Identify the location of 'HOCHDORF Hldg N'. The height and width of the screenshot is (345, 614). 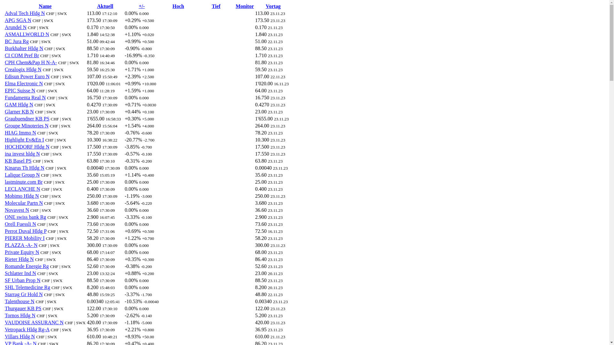
(27, 147).